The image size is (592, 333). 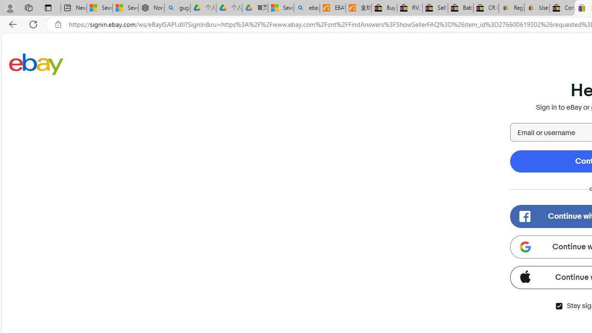 I want to click on 'Buy Auto Parts & Accessories | eBay', so click(x=384, y=8).